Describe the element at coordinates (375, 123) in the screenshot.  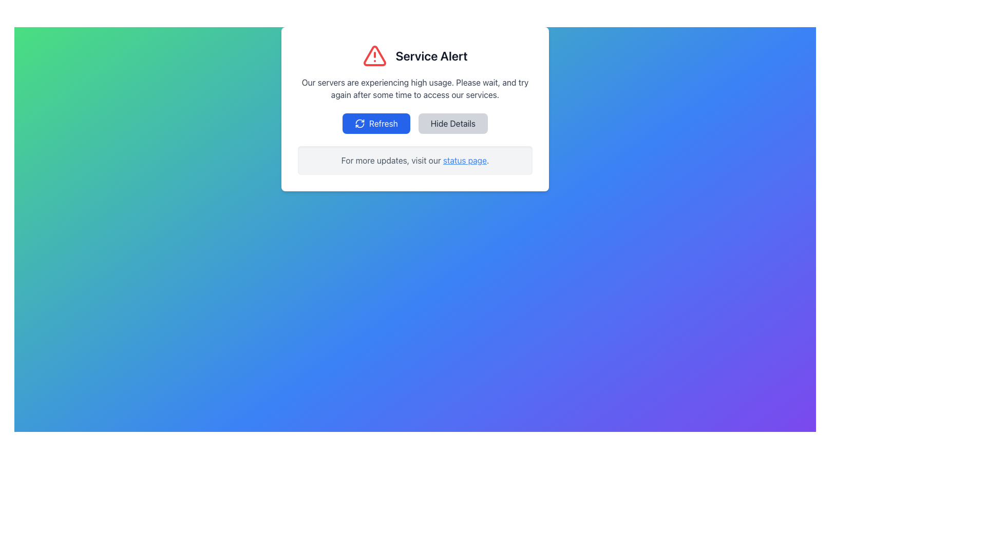
I see `the 'Refresh' button, which has a blue background with white text and a circular arrow icon, to initiate a refresh action` at that location.